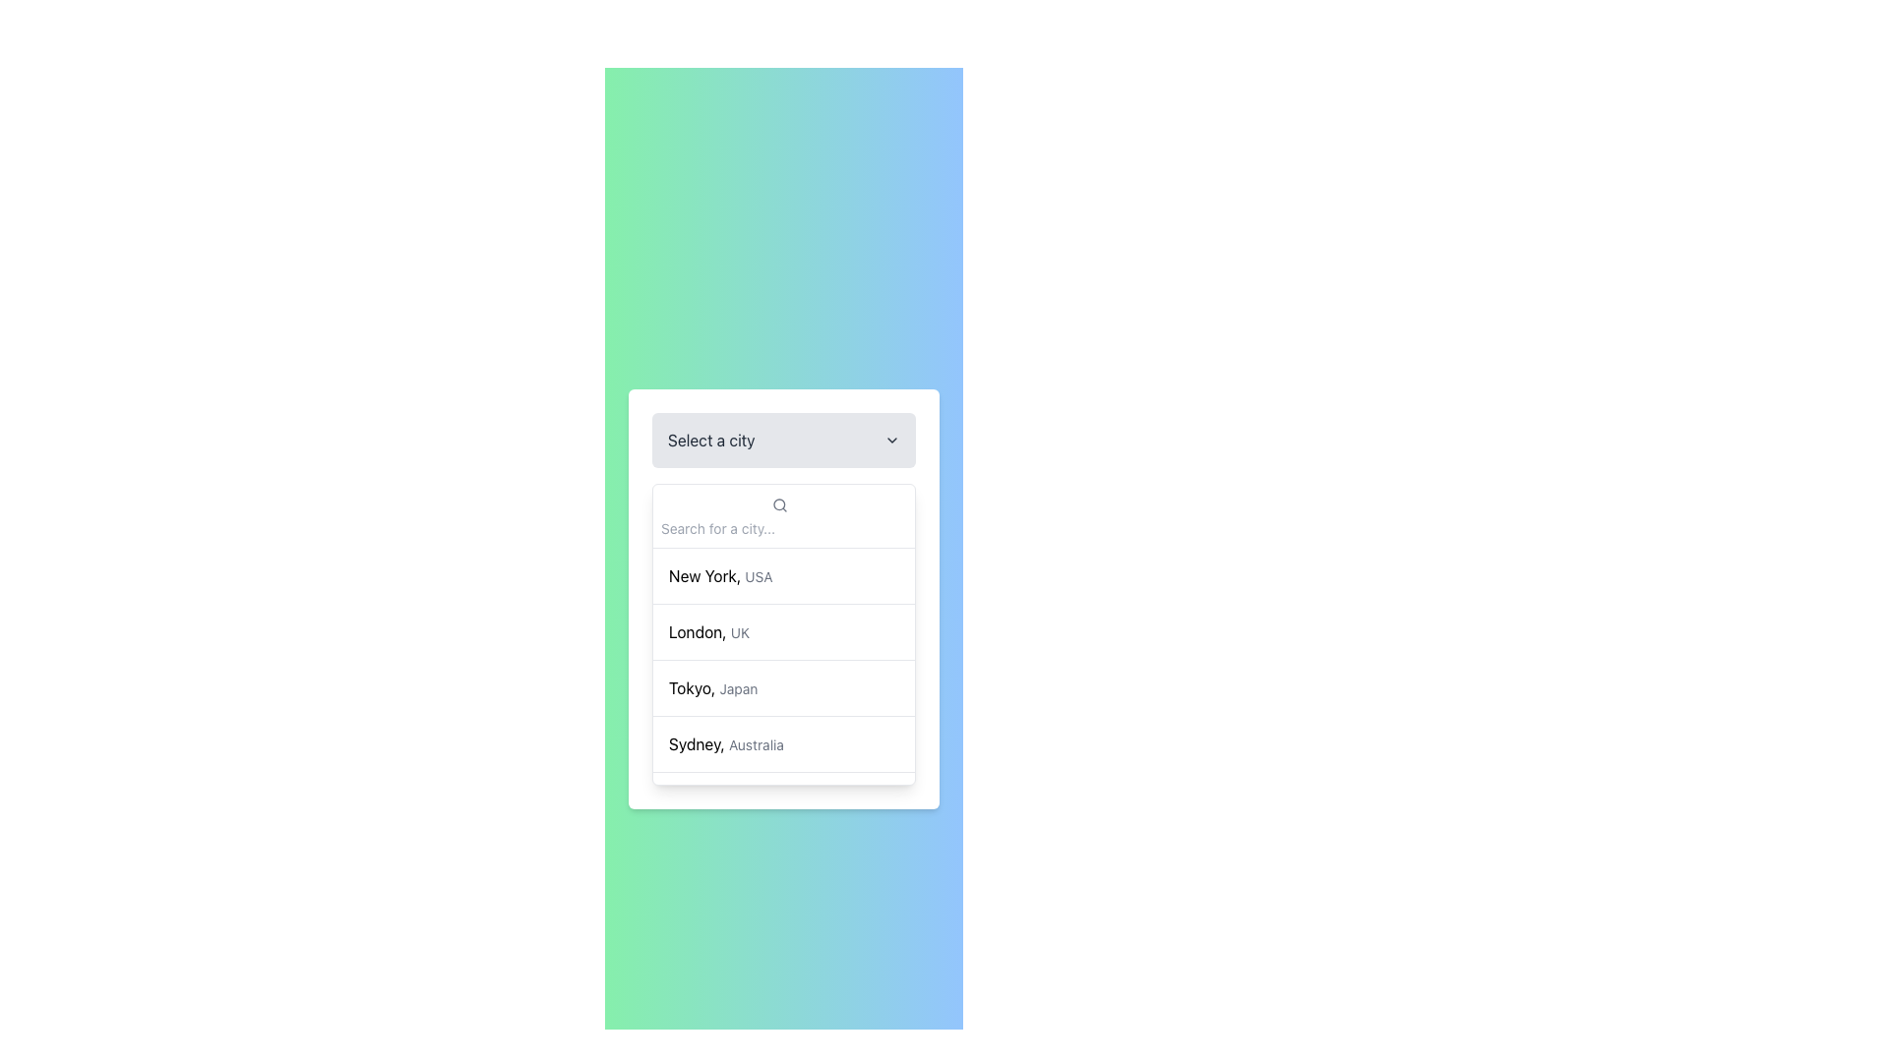 Image resolution: width=1889 pixels, height=1062 pixels. What do you see at coordinates (782, 686) in the screenshot?
I see `the selectable option for the city 'Tokyo, Japan' within the dropdown menu` at bounding box center [782, 686].